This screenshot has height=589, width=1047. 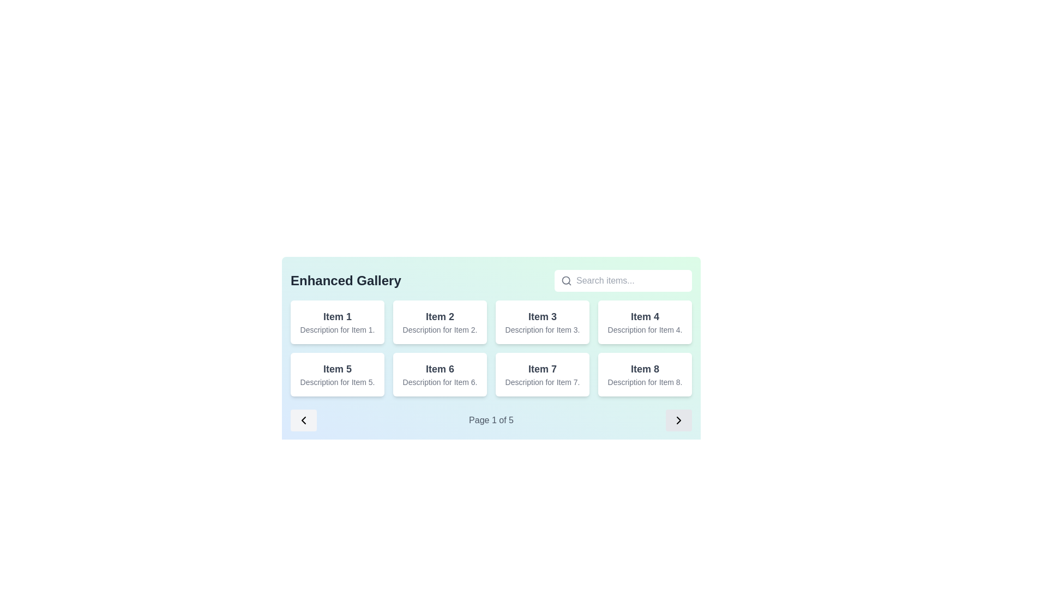 I want to click on the circular component of the search icon located at the top-right corner of the search input field, so click(x=566, y=280).